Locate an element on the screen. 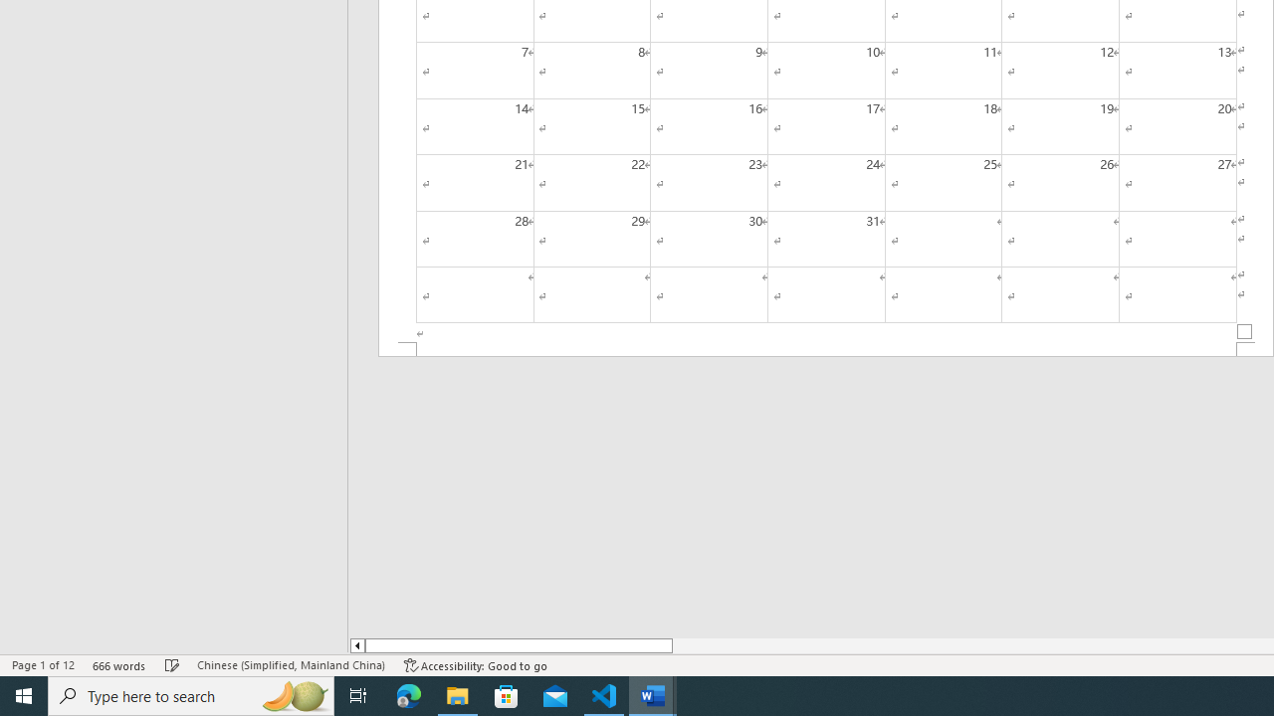 The width and height of the screenshot is (1274, 716). 'Footer -Section 1-' is located at coordinates (826, 348).